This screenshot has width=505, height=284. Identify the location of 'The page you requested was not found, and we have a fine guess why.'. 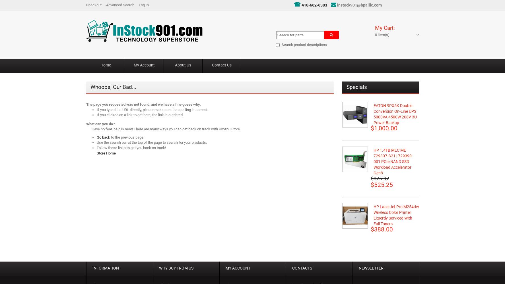
(86, 104).